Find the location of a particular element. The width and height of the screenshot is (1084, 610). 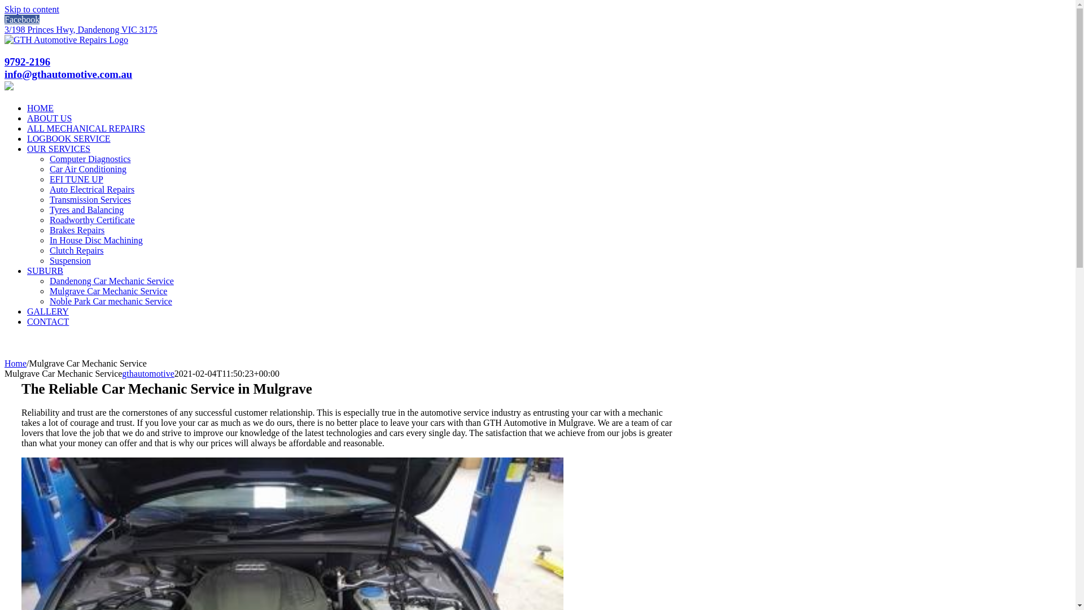

'info@gthautomotive.com.au' is located at coordinates (5, 74).